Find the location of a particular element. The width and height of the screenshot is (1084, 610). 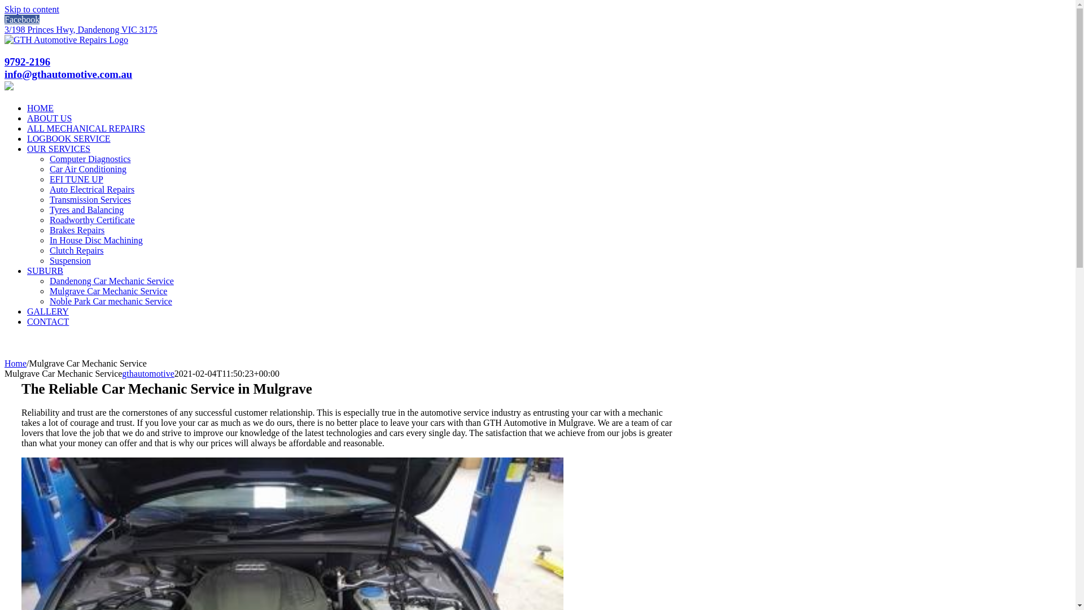

'info@gthautomotive.com.au' is located at coordinates (5, 74).